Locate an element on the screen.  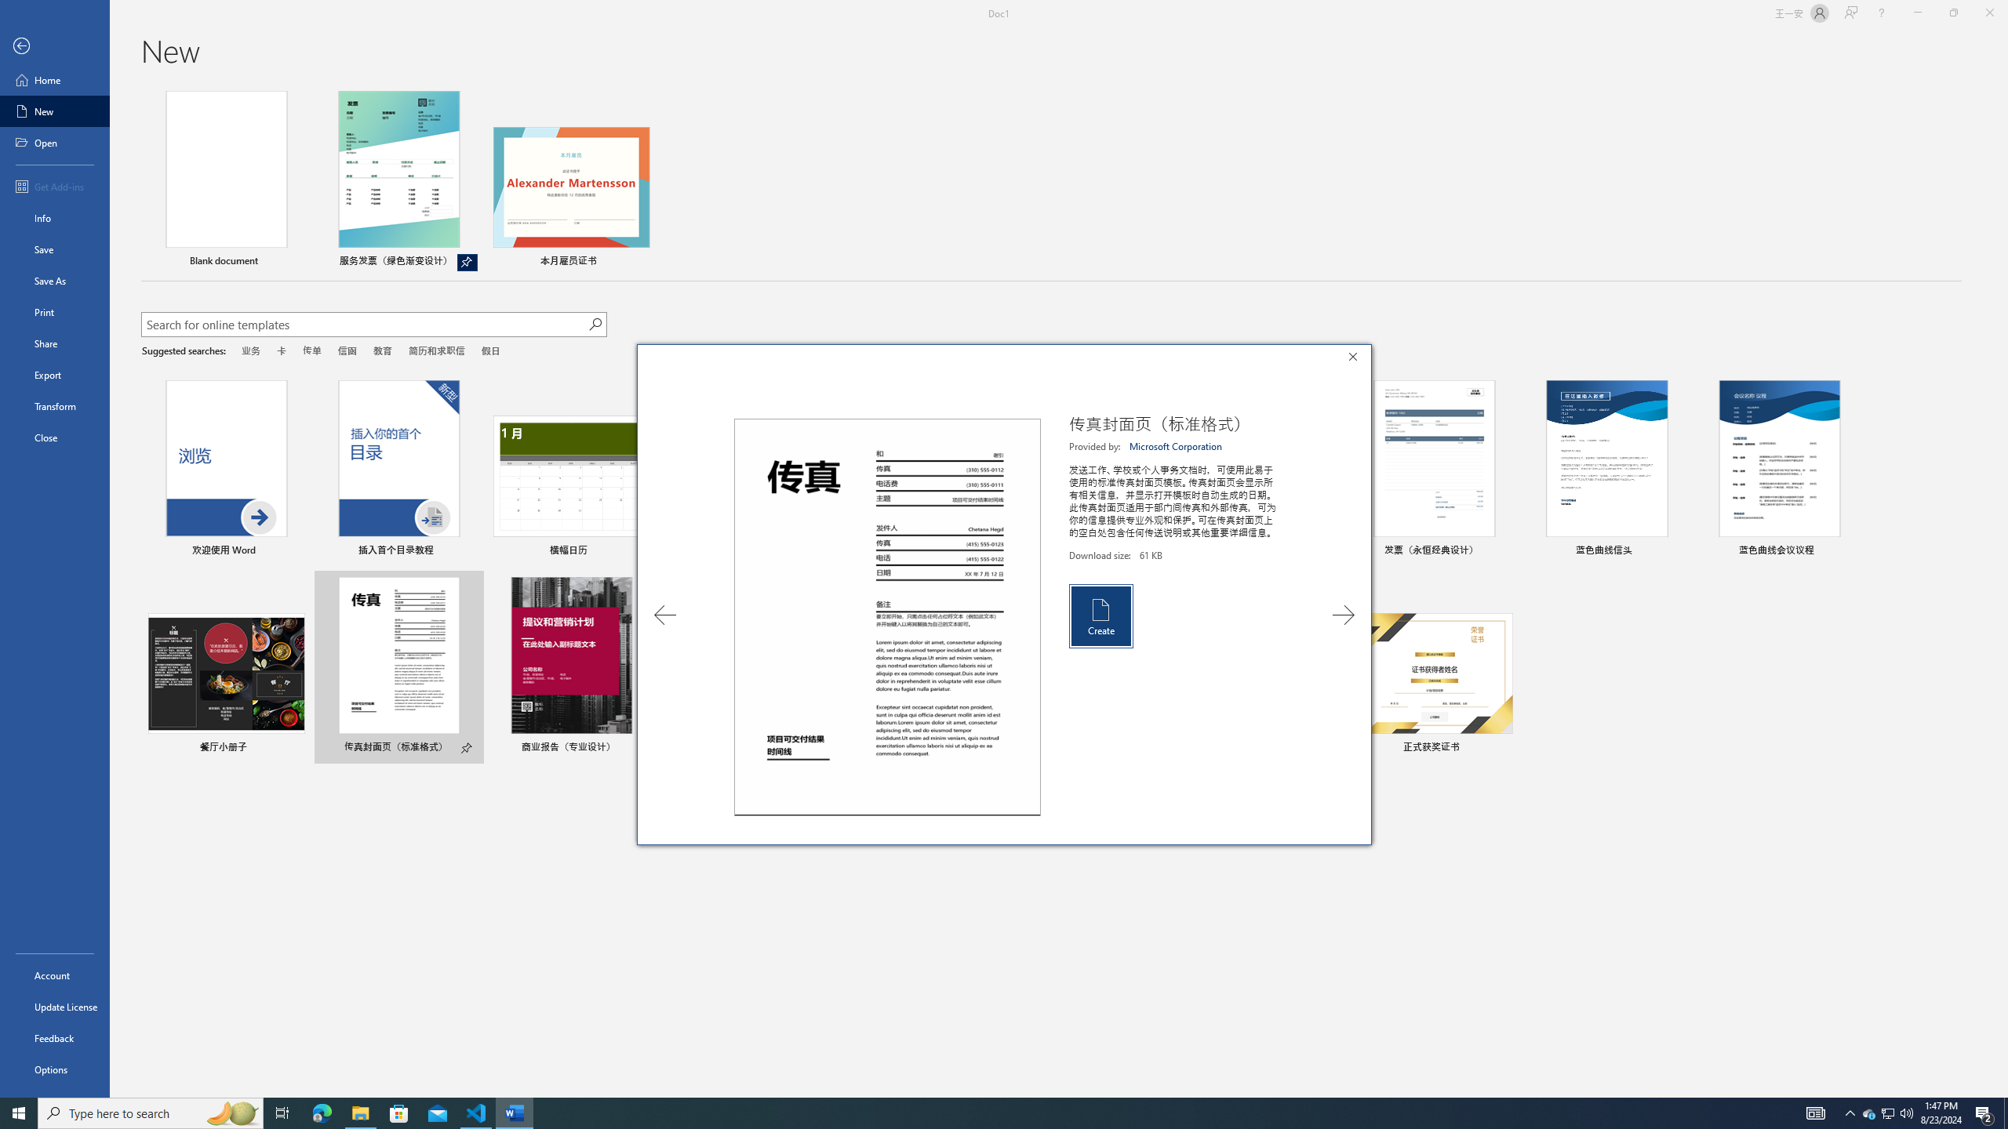
'Print' is located at coordinates (54, 311).